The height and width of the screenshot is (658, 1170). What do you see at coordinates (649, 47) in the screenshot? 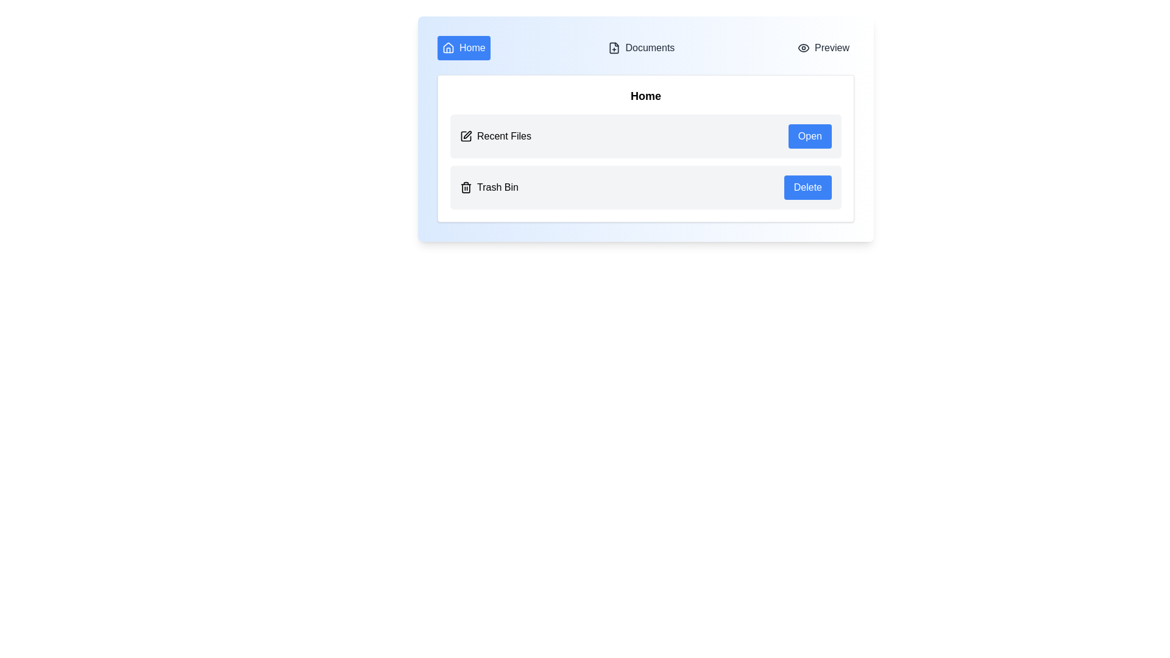
I see `the static text label displaying 'Documents', which is positioned to the right of the file-plus icon in the navigation bar` at bounding box center [649, 47].